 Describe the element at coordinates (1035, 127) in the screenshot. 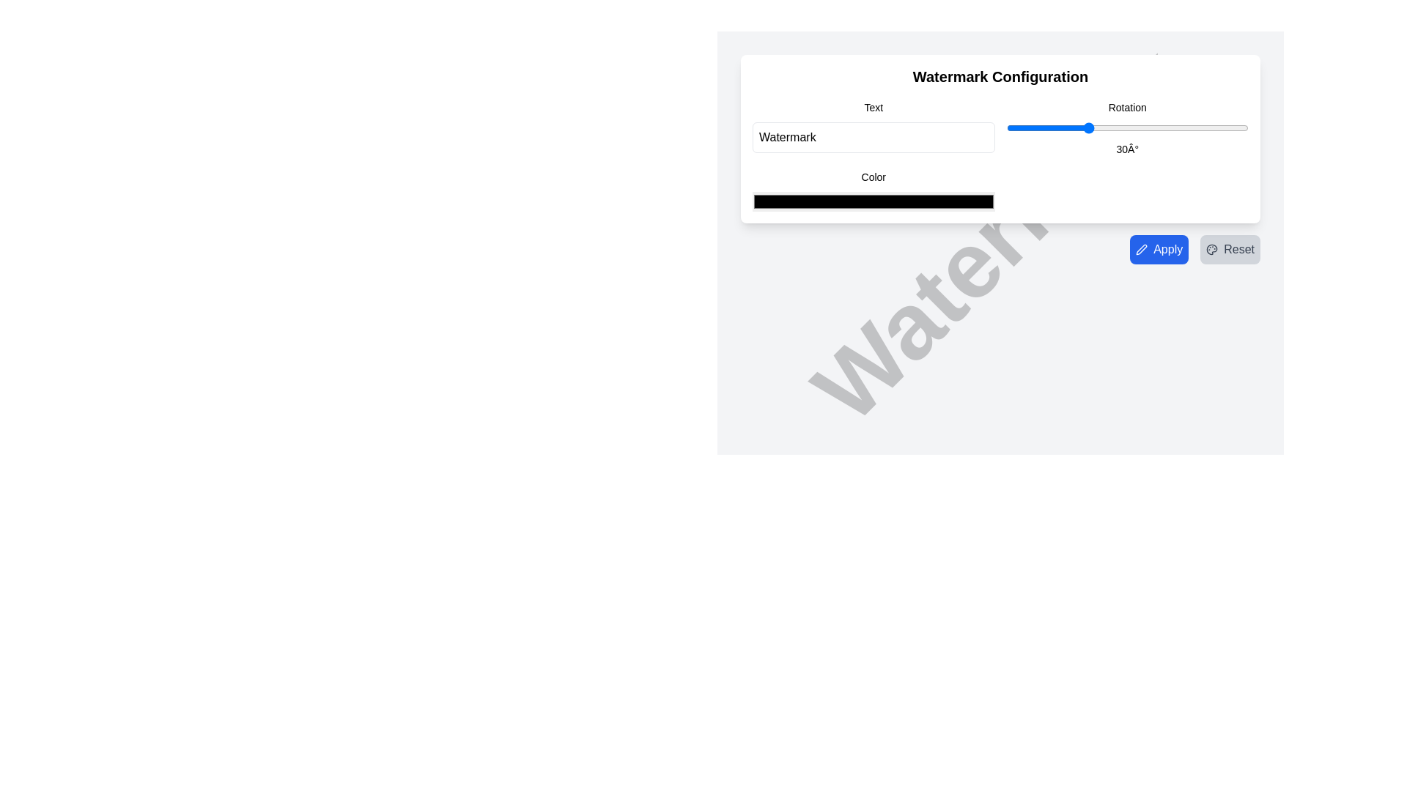

I see `rotation` at that location.